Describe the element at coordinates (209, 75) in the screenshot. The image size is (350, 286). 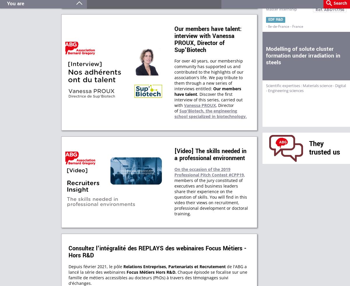
I see `'For over 40 years, our membership community has supported us and contributed to the highlights of our association's life. We pay tribute to them through a new series of interviews entitled:'` at that location.